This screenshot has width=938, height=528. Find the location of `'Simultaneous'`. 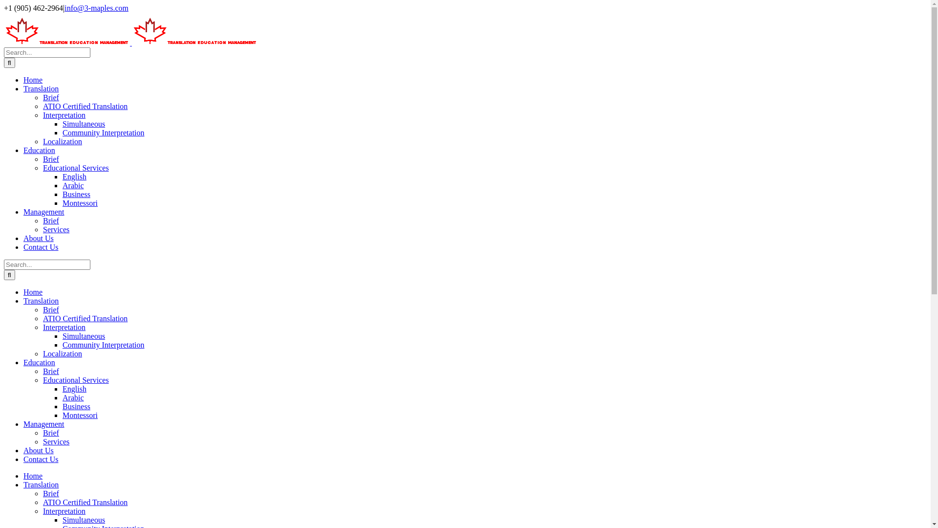

'Simultaneous' is located at coordinates (84, 519).